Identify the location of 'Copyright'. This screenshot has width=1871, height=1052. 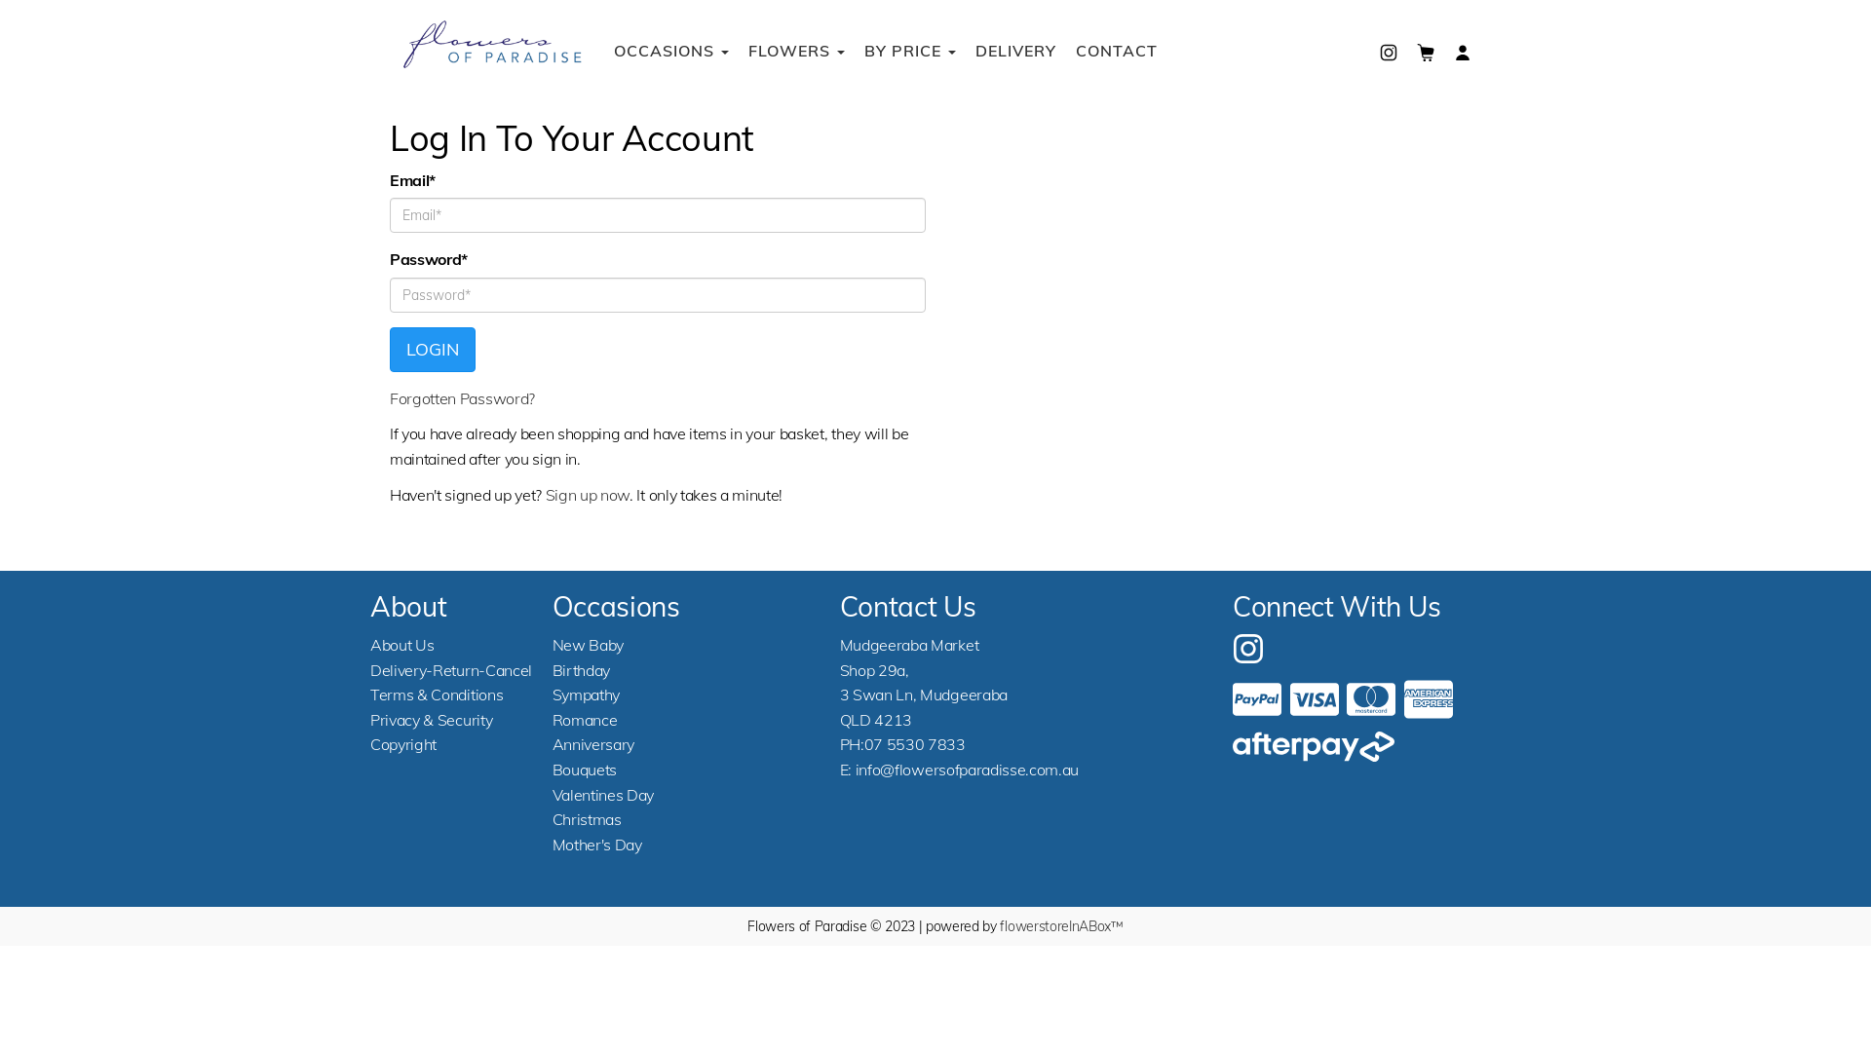
(401, 743).